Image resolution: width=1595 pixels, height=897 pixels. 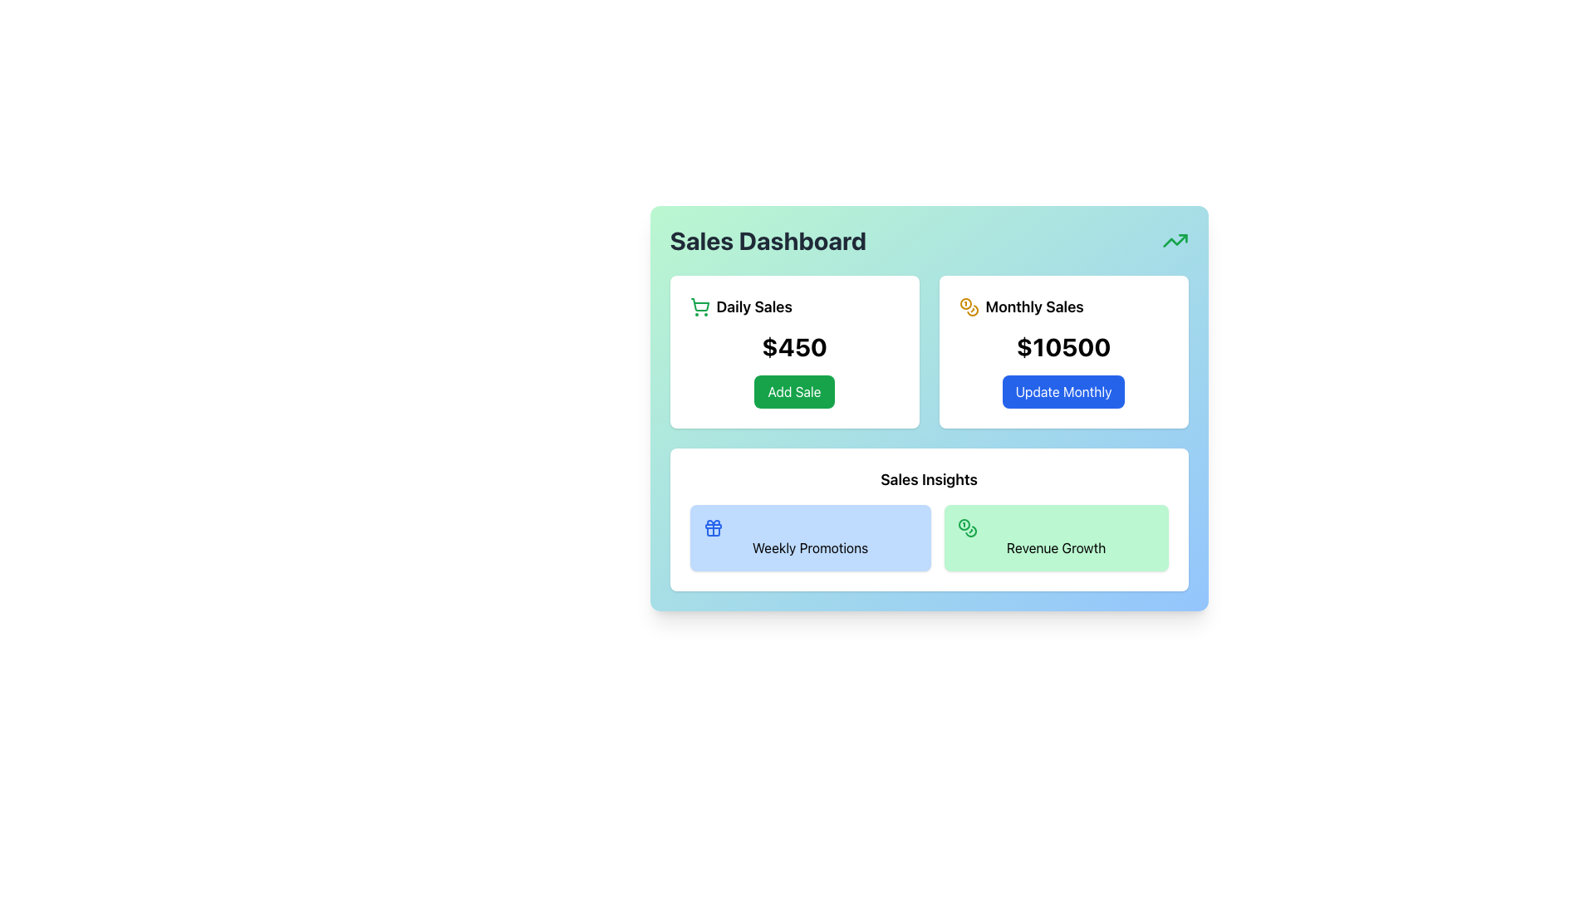 What do you see at coordinates (969, 307) in the screenshot?
I see `the yellow coin icon located to the left of the 'Monthly Sales' text in the dashboard's section header` at bounding box center [969, 307].